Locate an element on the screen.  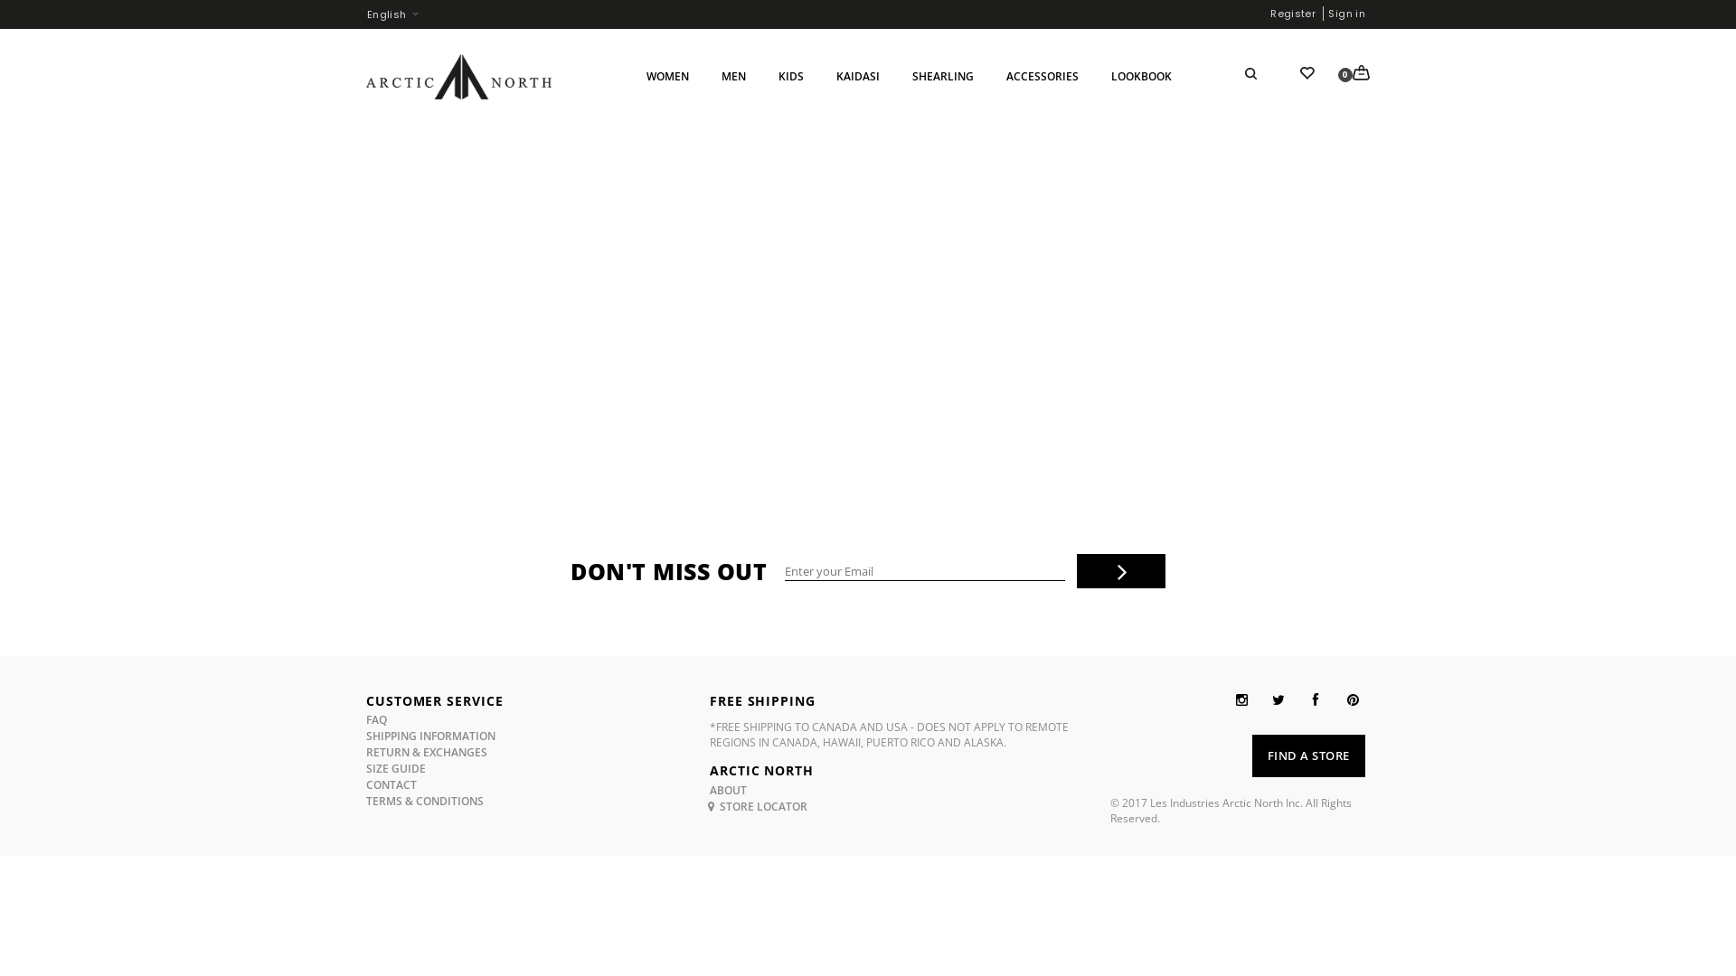
'Join us on Facebook' is located at coordinates (1316, 699).